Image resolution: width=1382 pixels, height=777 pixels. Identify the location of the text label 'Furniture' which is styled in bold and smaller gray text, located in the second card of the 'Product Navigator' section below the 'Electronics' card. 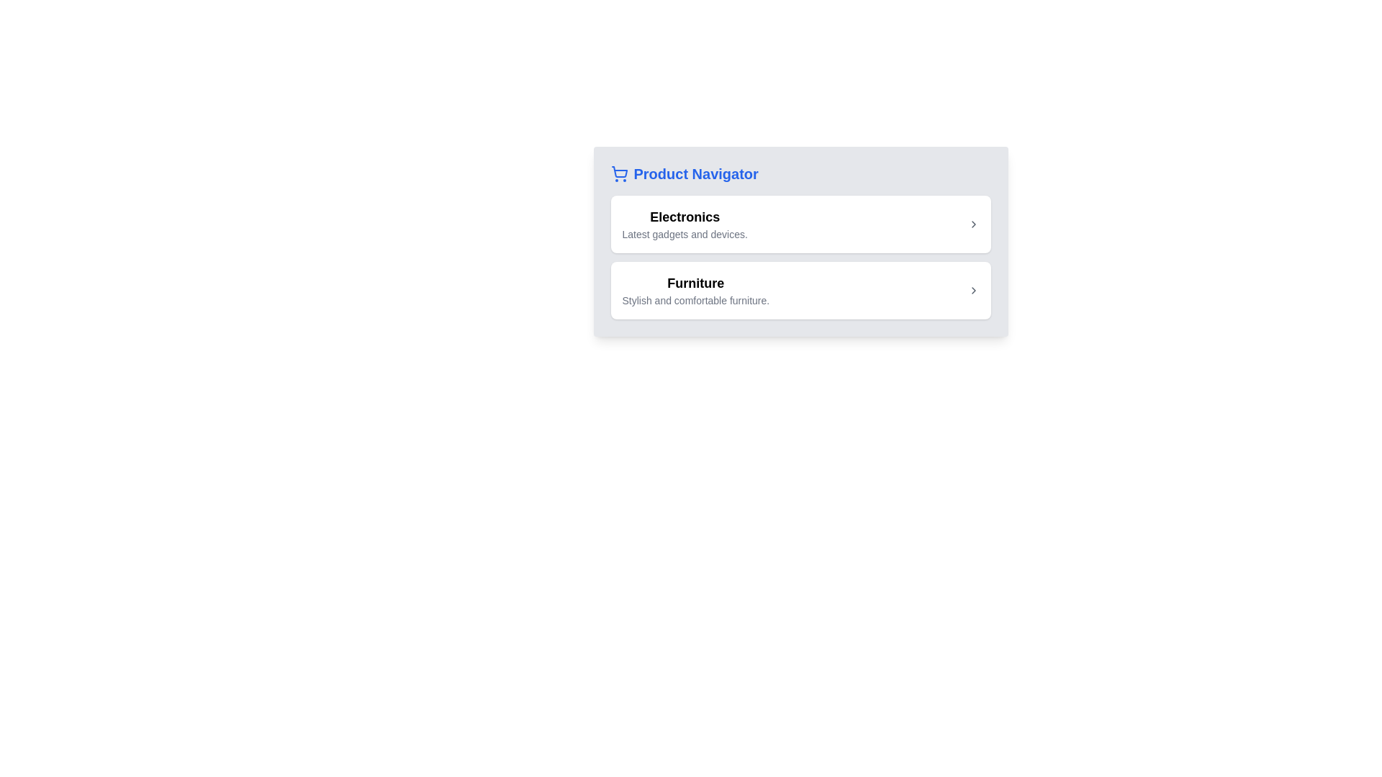
(695, 291).